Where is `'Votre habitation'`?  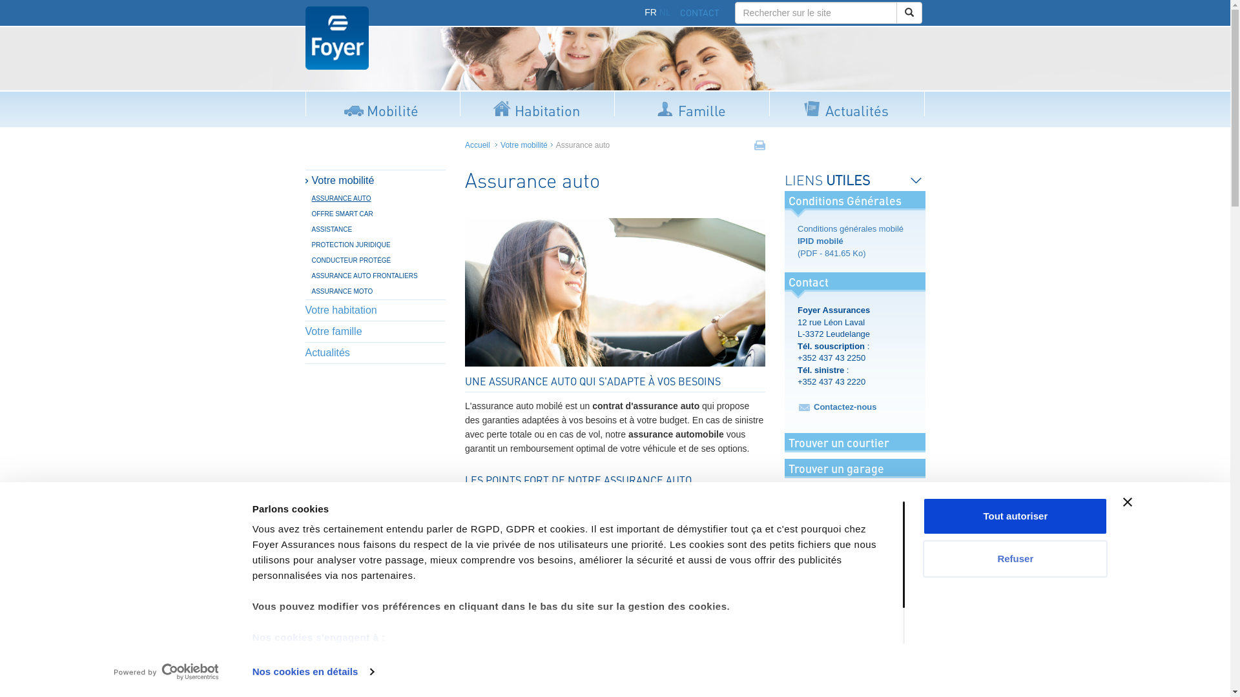
'Votre habitation' is located at coordinates (374, 310).